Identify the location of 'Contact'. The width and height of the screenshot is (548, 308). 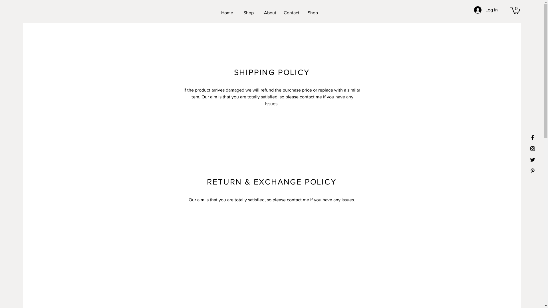
(291, 13).